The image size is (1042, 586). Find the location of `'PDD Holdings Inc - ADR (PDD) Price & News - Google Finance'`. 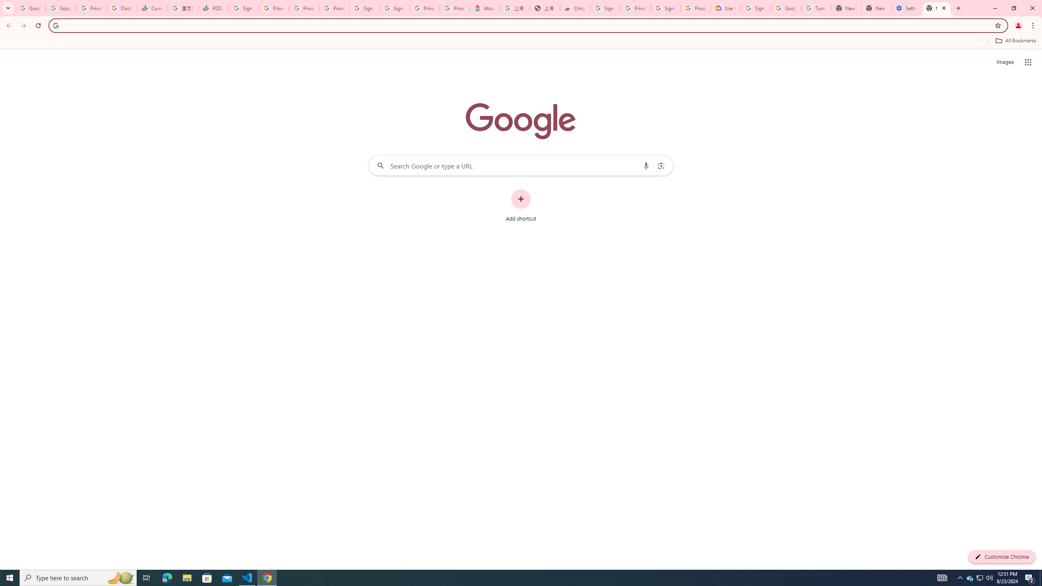

'PDD Holdings Inc - ADR (PDD) Price & News - Google Finance' is located at coordinates (213, 8).